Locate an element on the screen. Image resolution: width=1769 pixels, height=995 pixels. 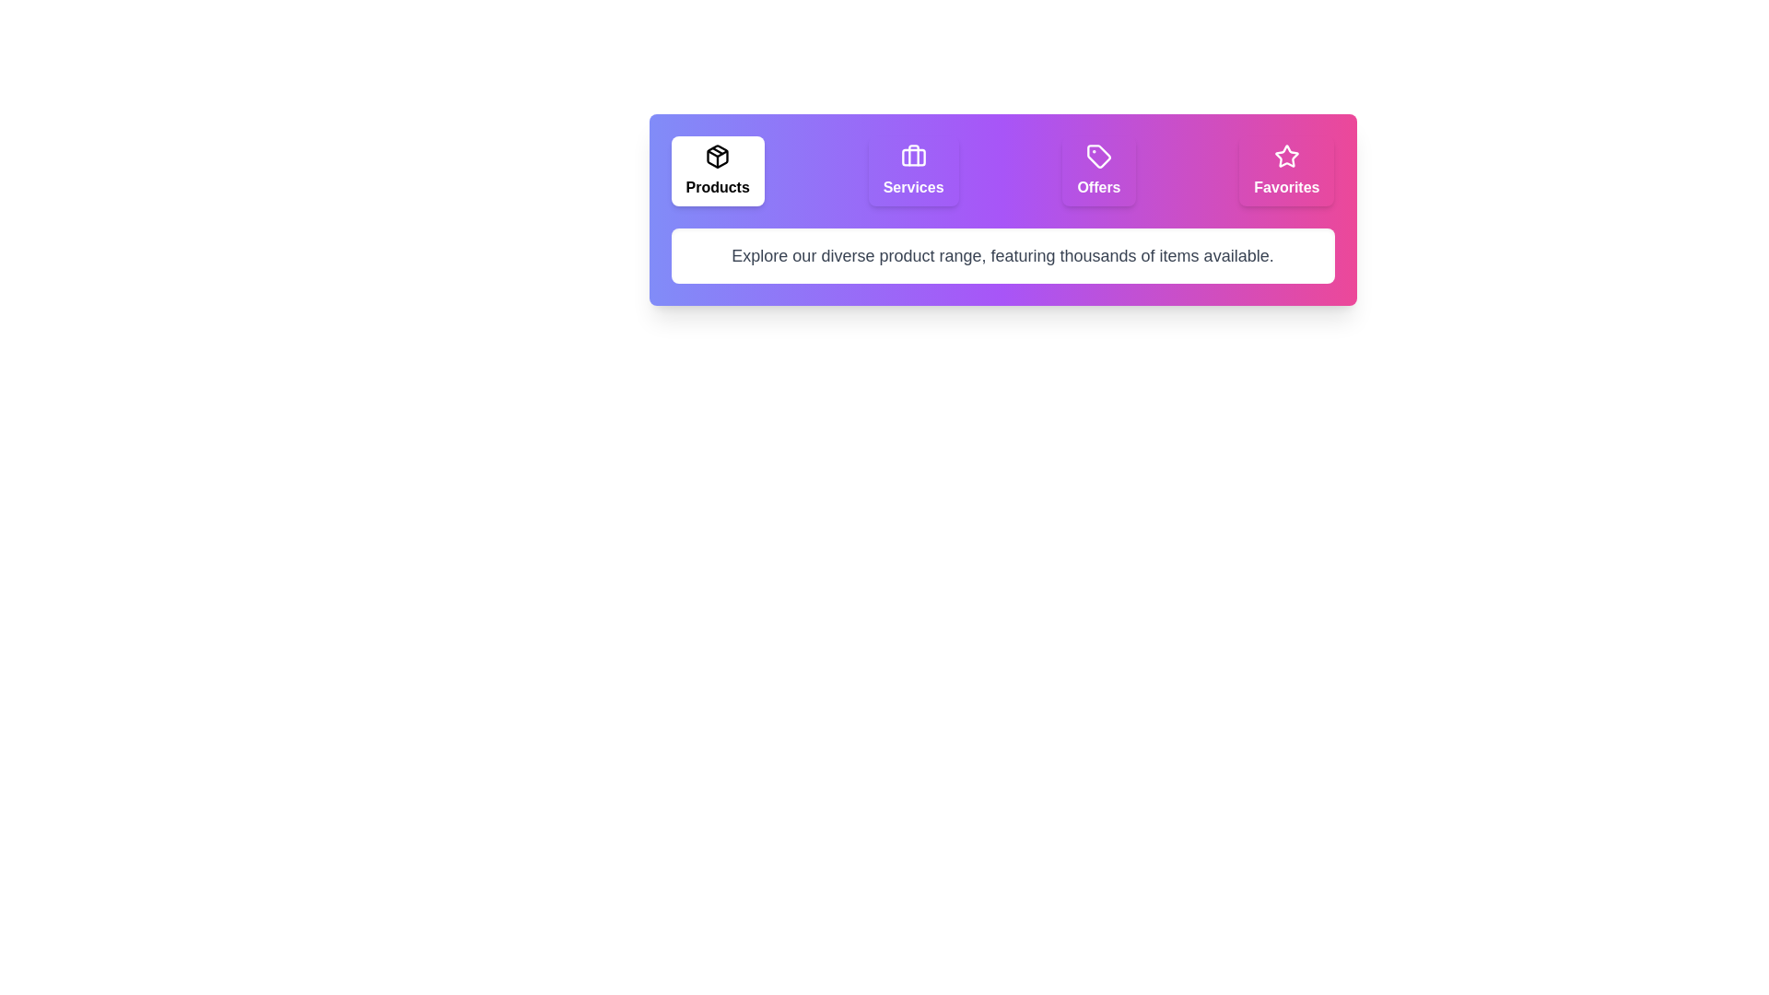
the Services tab is located at coordinates (913, 170).